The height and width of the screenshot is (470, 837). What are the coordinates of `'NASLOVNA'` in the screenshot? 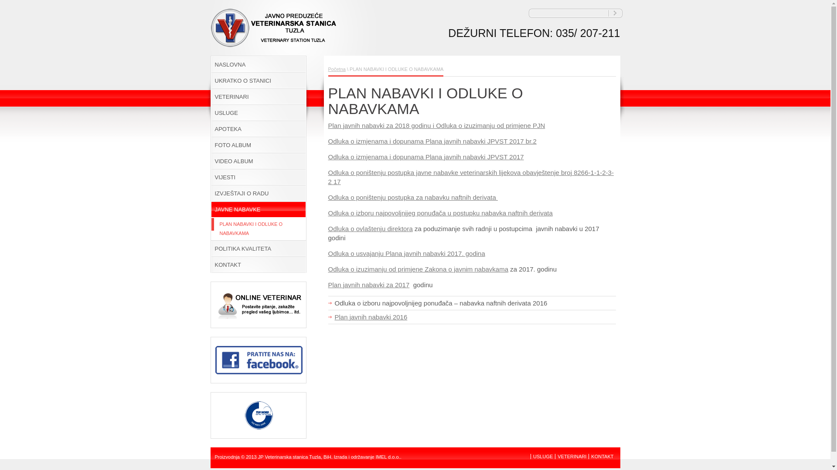 It's located at (257, 64).